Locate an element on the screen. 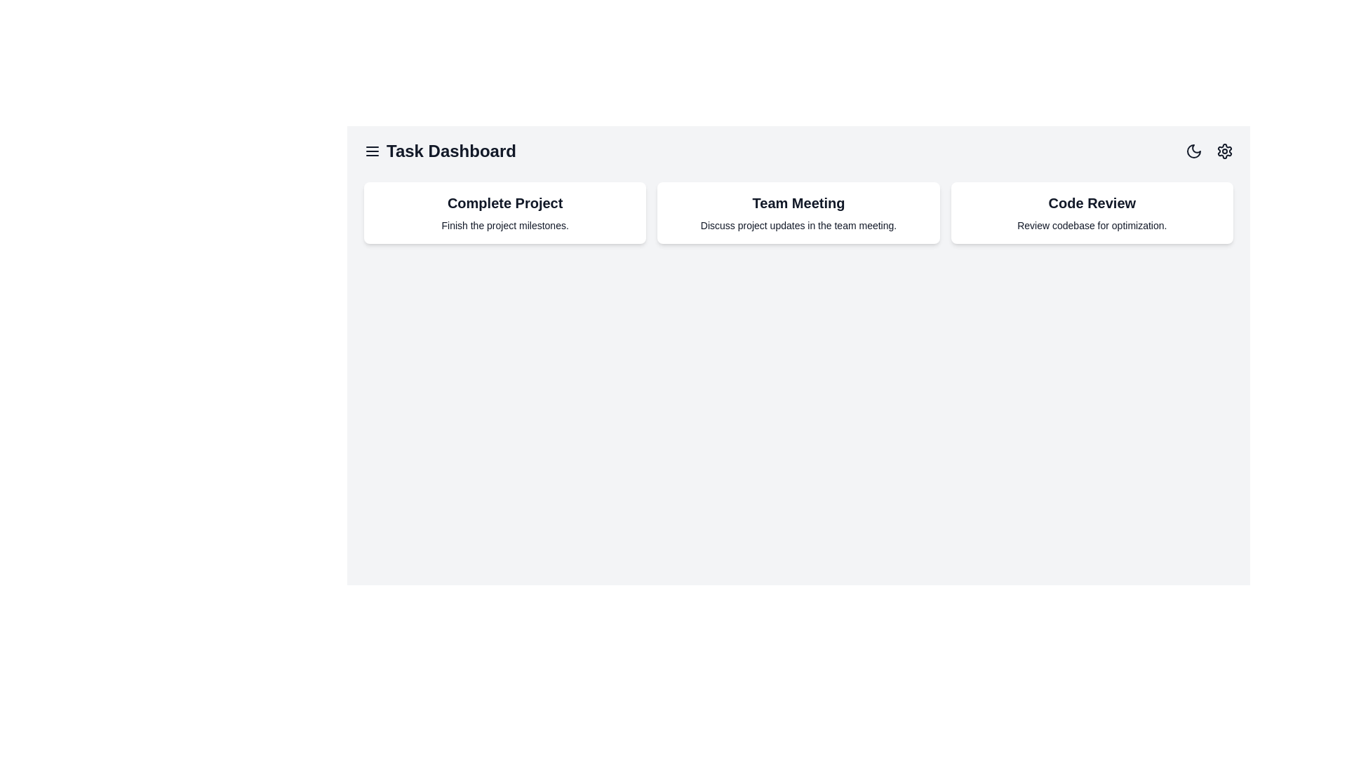 This screenshot has width=1347, height=757. the main title text element in the middle card of the three-card layout, which serves as the heading for the card's content is located at coordinates (798, 203).